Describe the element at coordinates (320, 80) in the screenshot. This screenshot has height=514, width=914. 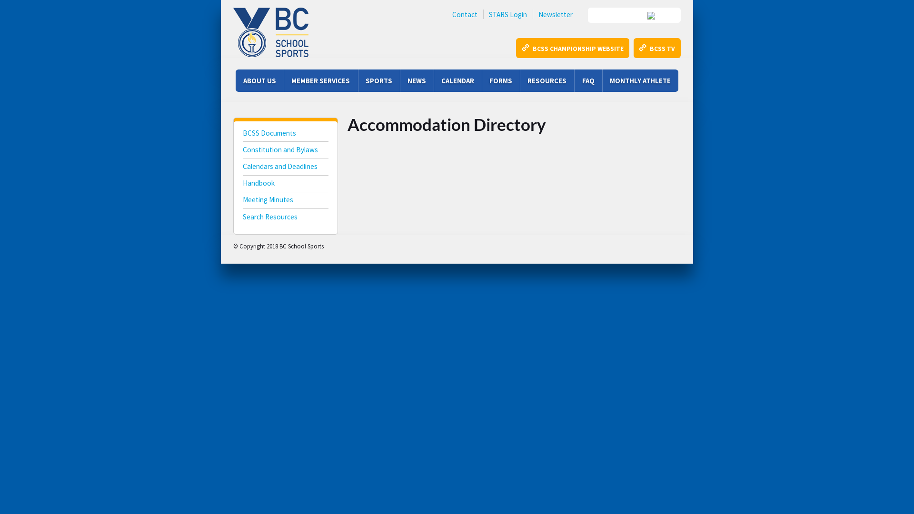
I see `'MEMBER SERVICES'` at that location.